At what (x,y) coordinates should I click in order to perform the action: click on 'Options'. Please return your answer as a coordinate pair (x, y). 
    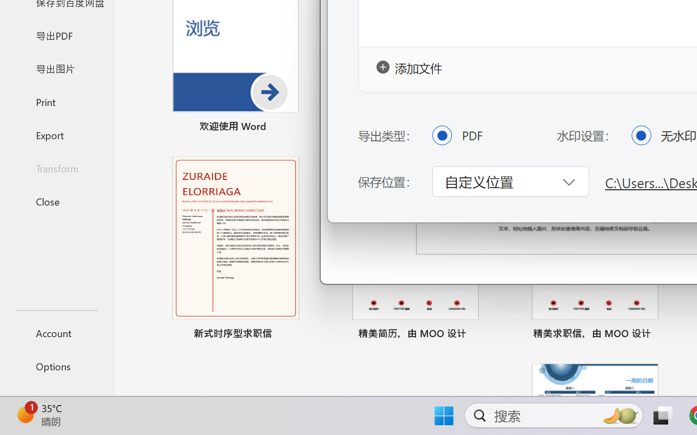
    Looking at the image, I should click on (56, 366).